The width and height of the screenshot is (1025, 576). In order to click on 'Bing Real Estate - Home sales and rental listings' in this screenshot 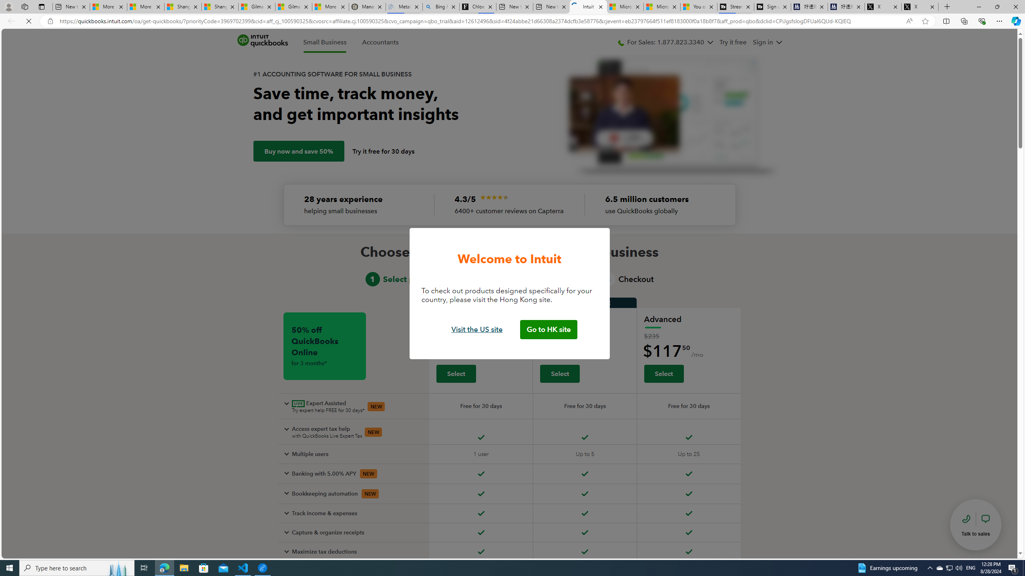, I will do `click(441, 6)`.